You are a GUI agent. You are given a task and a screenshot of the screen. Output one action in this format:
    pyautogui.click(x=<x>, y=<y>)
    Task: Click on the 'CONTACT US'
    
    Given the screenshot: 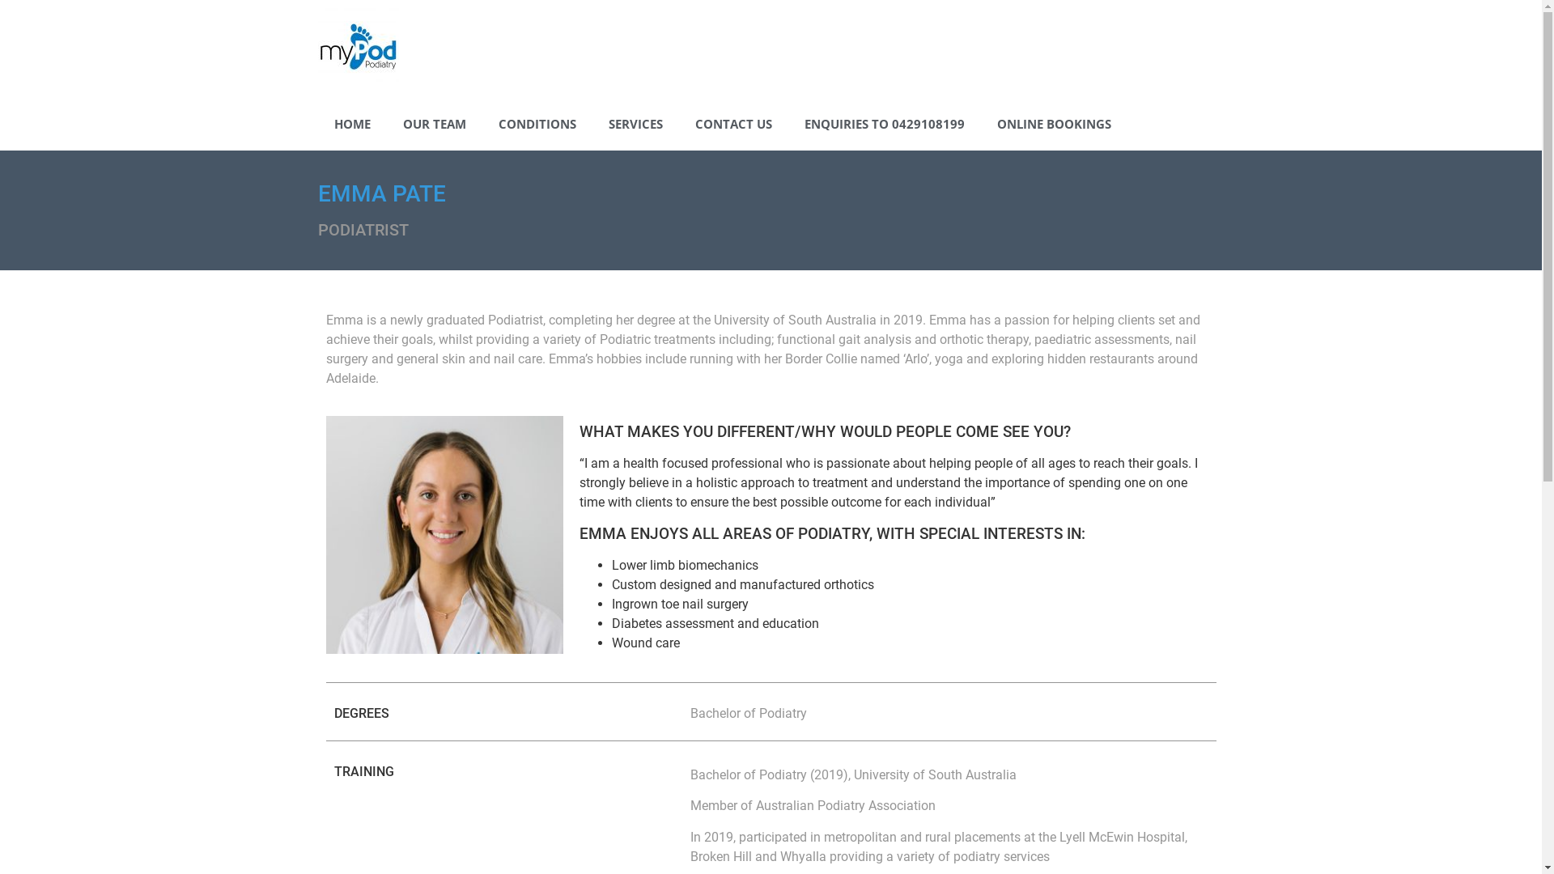 What is the action you would take?
    pyautogui.click(x=732, y=123)
    